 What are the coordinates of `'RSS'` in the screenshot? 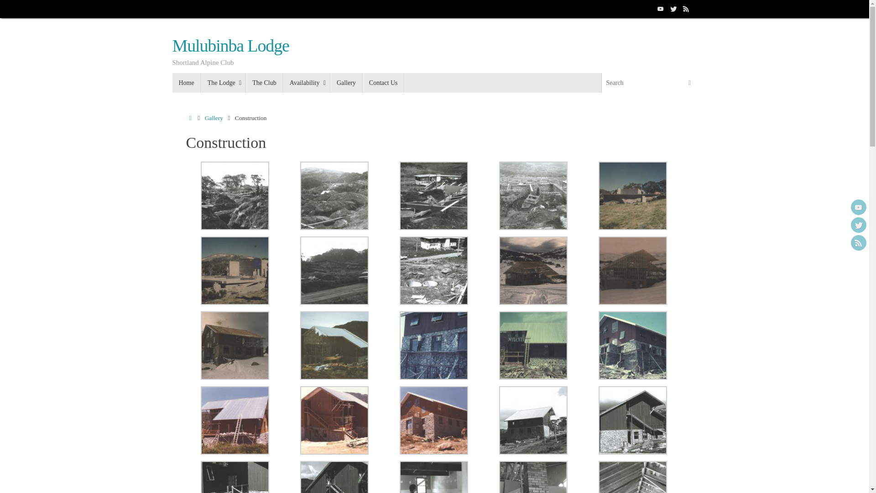 It's located at (686, 9).